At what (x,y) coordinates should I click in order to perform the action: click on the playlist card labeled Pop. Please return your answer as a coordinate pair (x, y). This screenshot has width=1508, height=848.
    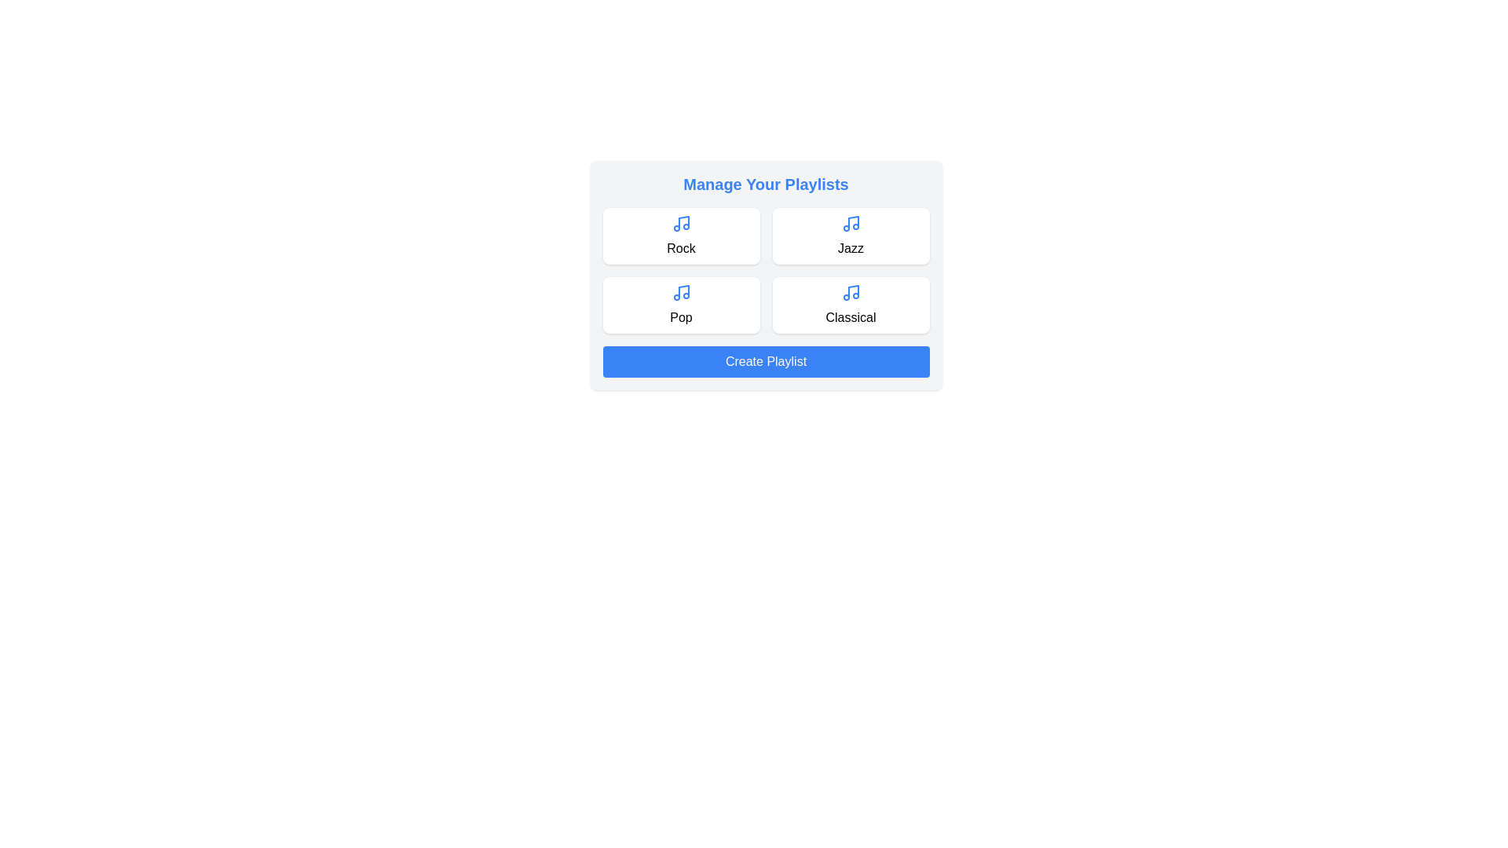
    Looking at the image, I should click on (681, 305).